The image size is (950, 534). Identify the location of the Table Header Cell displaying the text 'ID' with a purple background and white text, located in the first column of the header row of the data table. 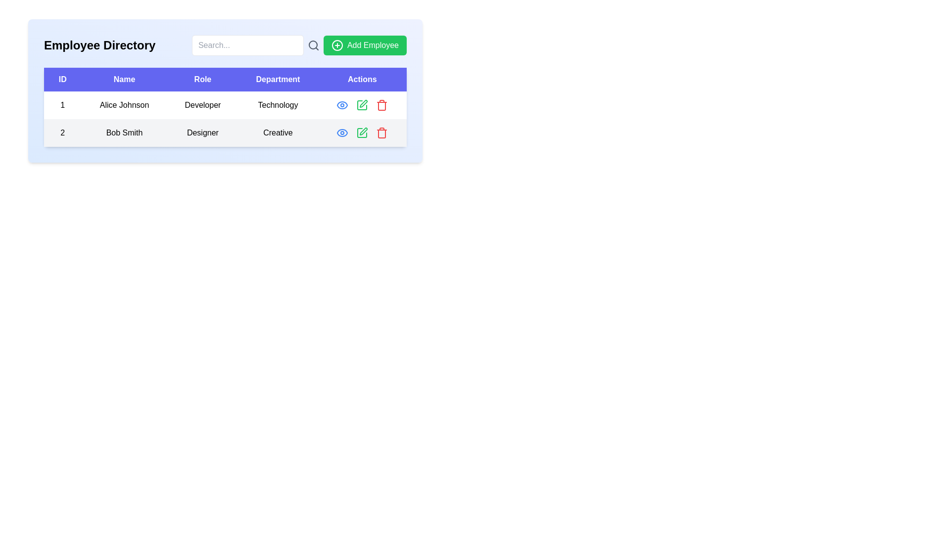
(62, 79).